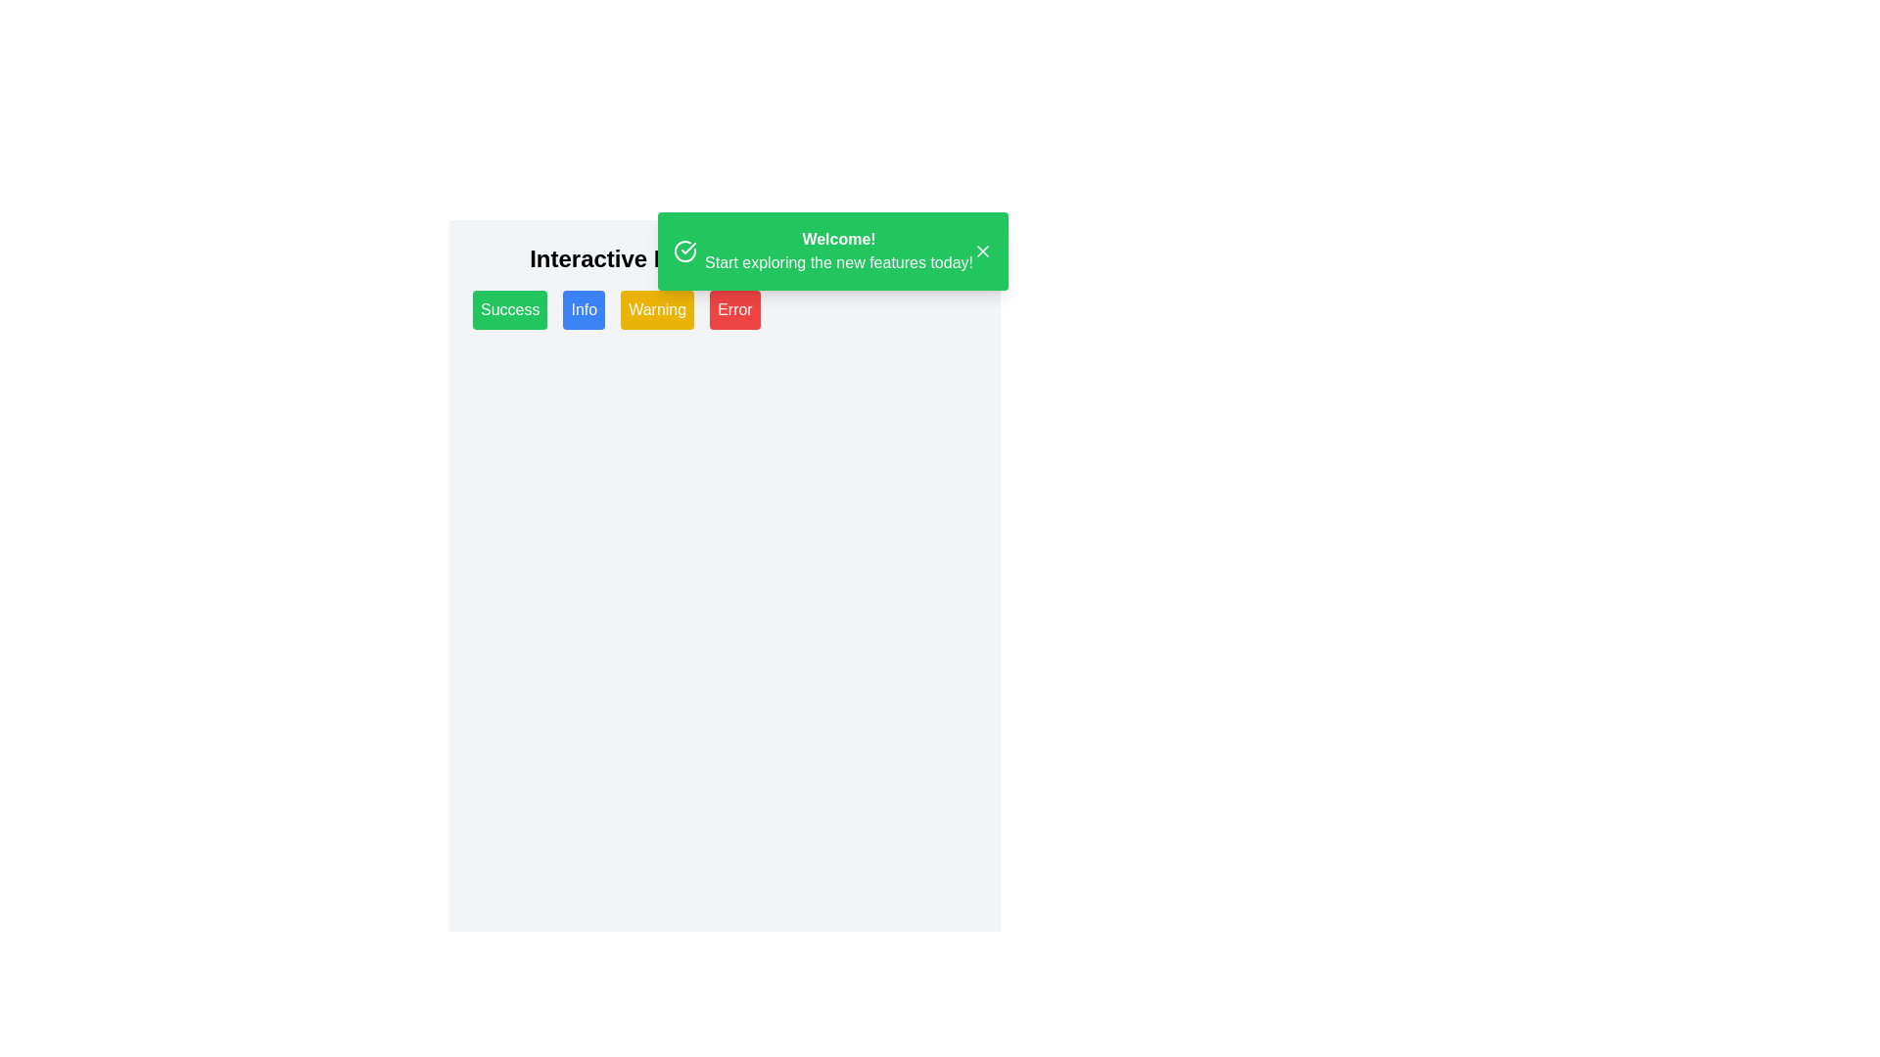 The height and width of the screenshot is (1057, 1880). What do you see at coordinates (839, 239) in the screenshot?
I see `the bold green text label that says 'Welcome!' located at the top-right section of the green notification bar` at bounding box center [839, 239].